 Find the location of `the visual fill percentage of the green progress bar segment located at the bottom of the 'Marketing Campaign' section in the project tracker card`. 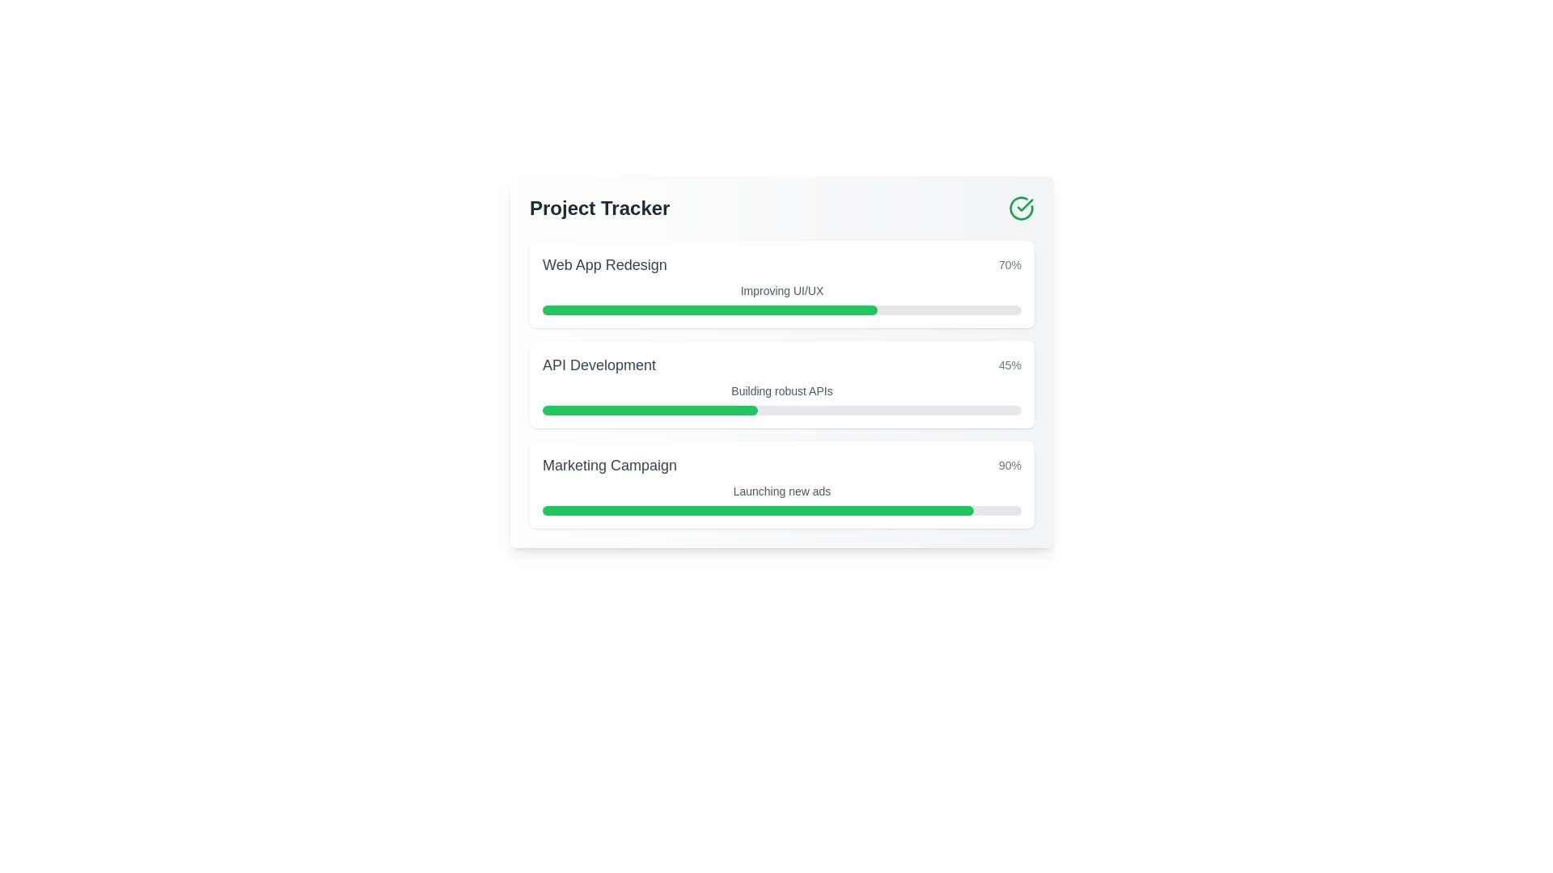

the visual fill percentage of the green progress bar segment located at the bottom of the 'Marketing Campaign' section in the project tracker card is located at coordinates (757, 511).